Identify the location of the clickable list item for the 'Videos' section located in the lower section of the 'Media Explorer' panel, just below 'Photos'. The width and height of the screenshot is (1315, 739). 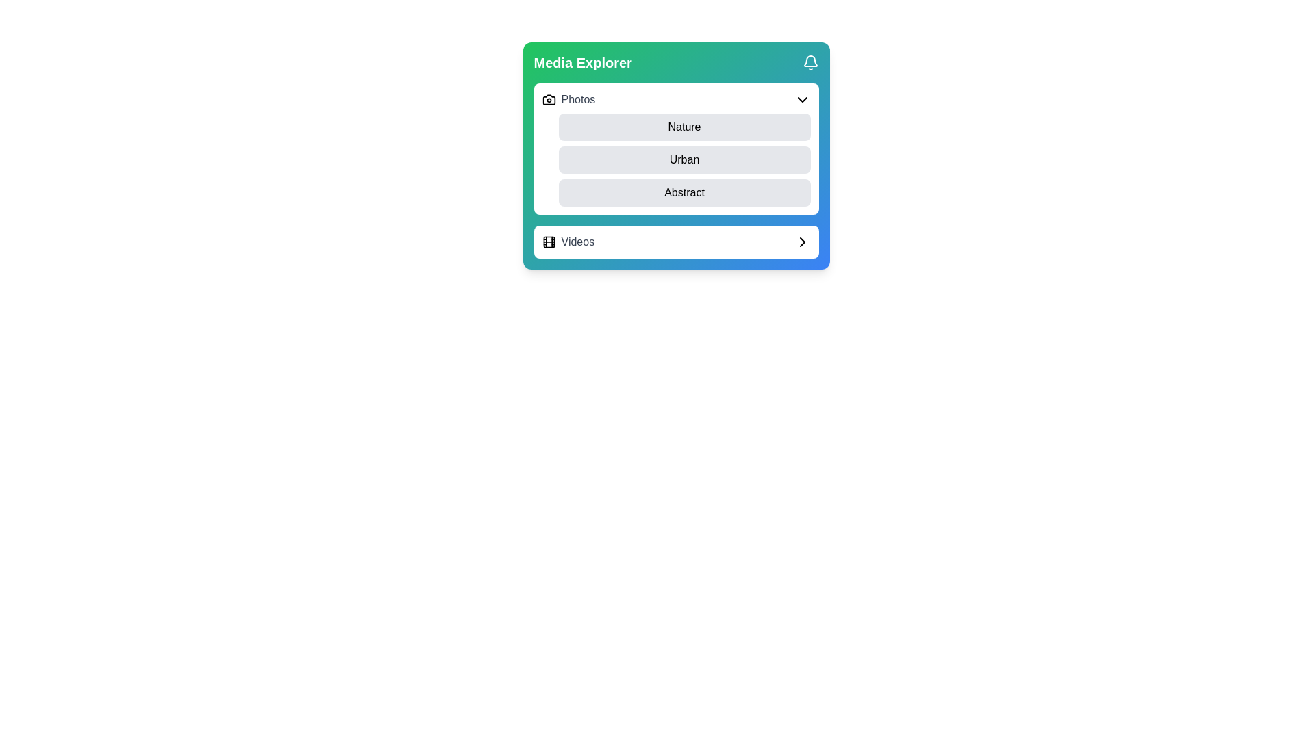
(568, 242).